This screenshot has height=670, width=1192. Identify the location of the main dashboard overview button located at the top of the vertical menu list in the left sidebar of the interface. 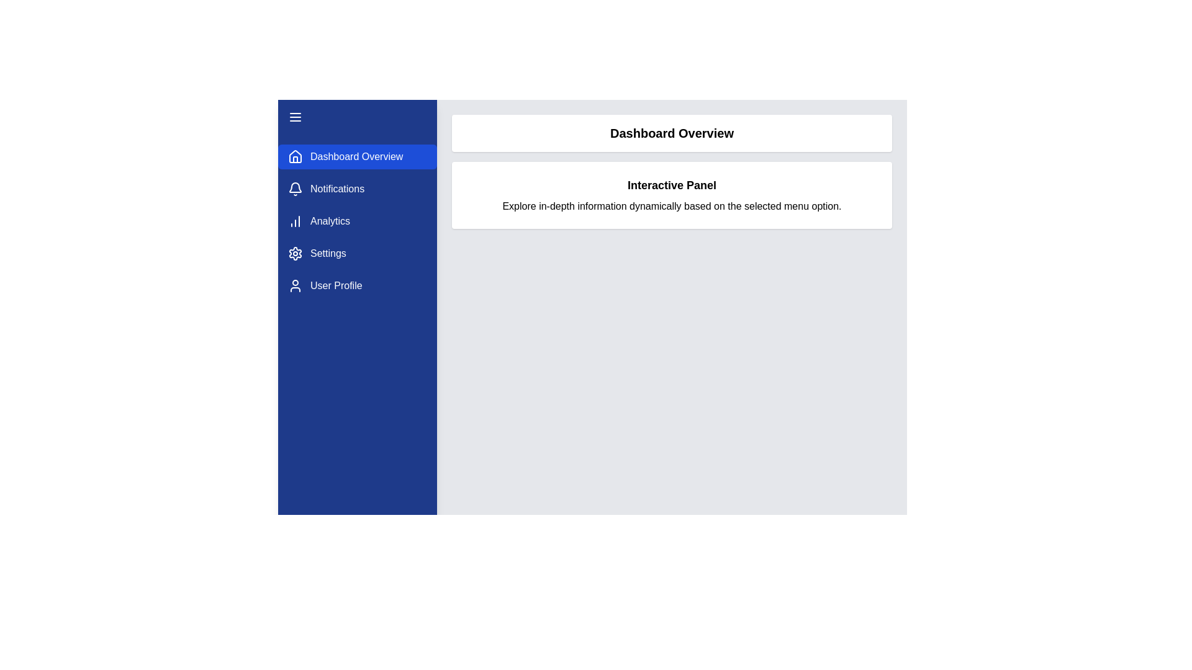
(357, 156).